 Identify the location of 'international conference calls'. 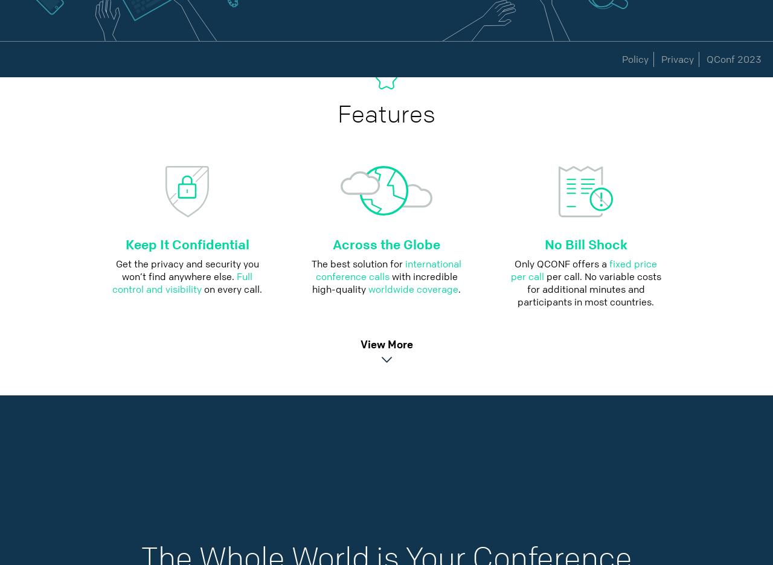
(388, 270).